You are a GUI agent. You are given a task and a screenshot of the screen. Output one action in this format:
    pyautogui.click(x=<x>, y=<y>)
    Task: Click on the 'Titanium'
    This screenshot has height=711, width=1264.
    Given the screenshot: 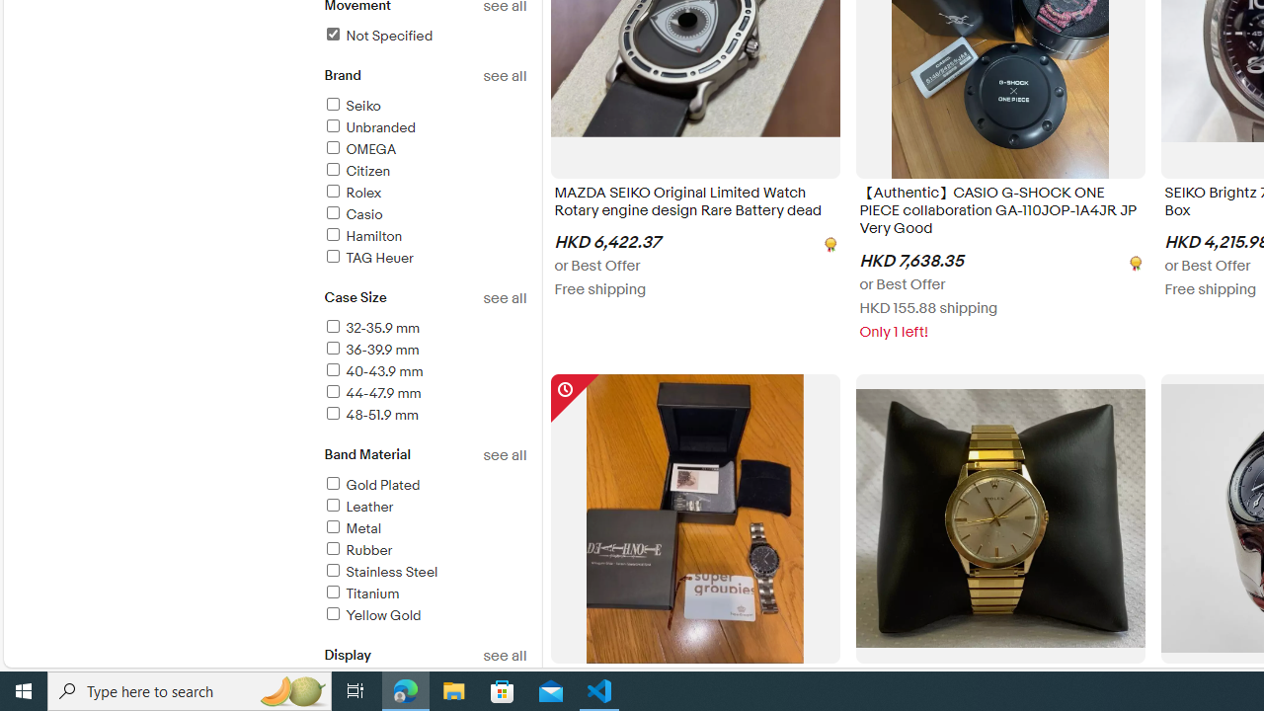 What is the action you would take?
    pyautogui.click(x=360, y=592)
    